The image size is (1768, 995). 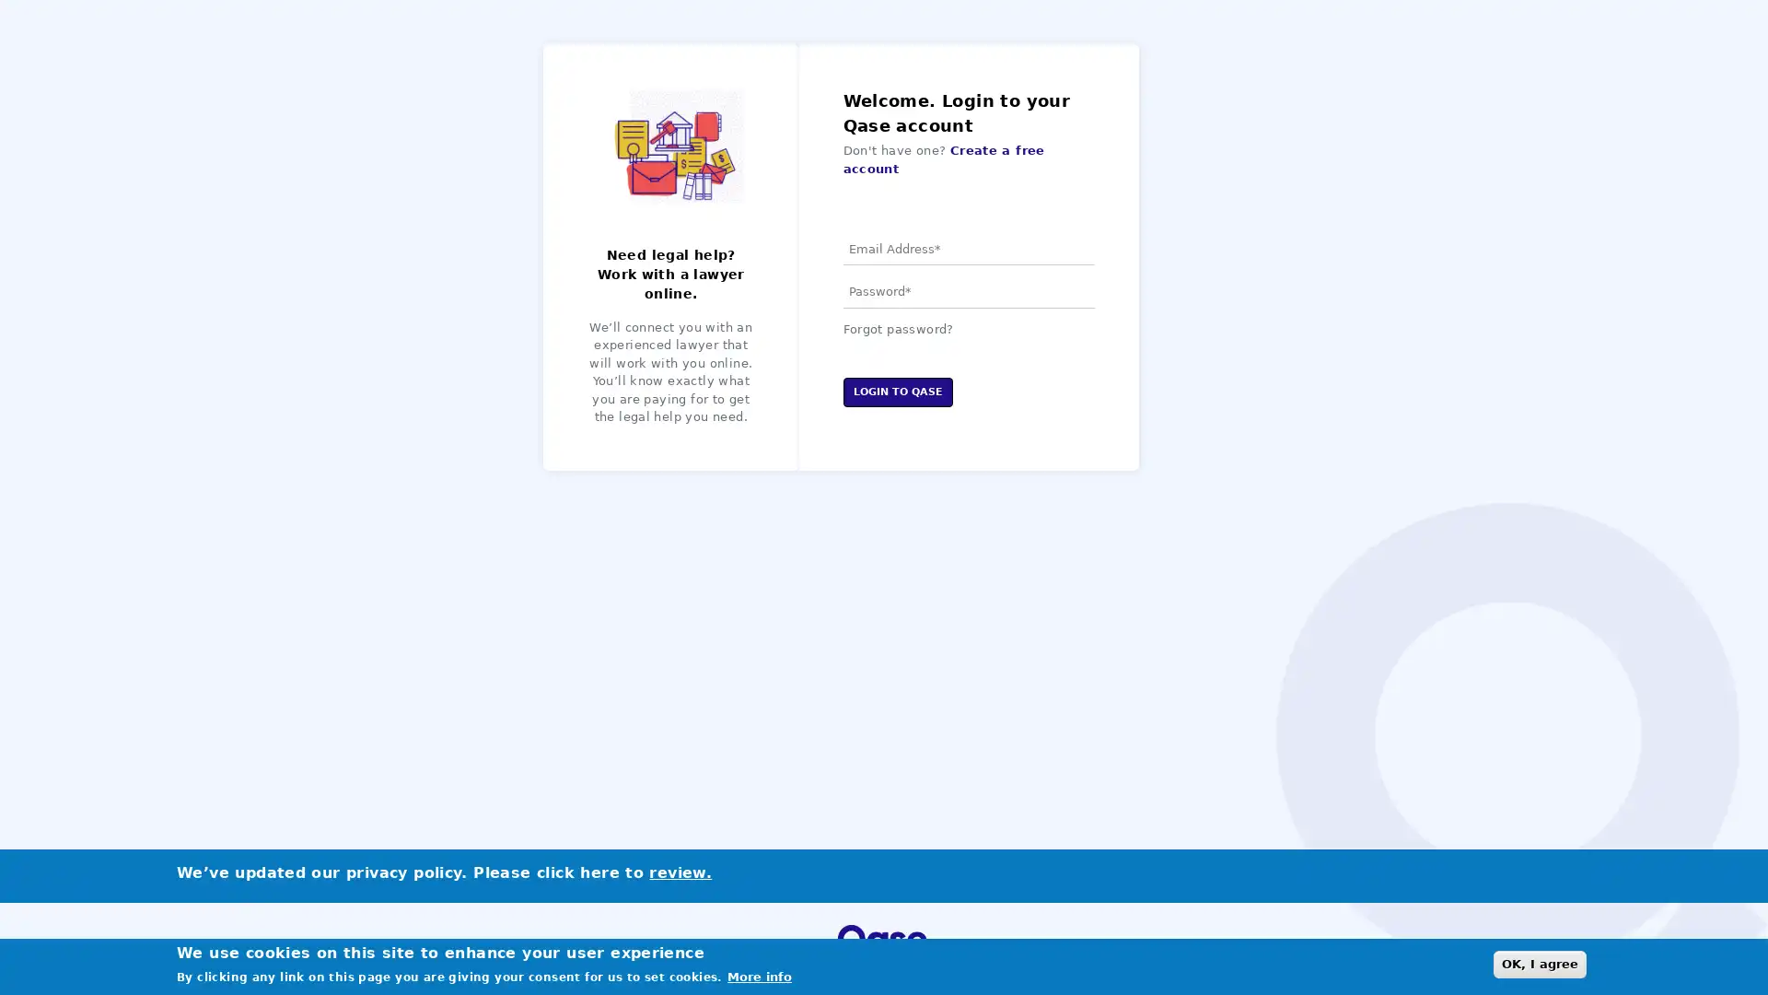 What do you see at coordinates (897, 391) in the screenshot?
I see `Login to Qase` at bounding box center [897, 391].